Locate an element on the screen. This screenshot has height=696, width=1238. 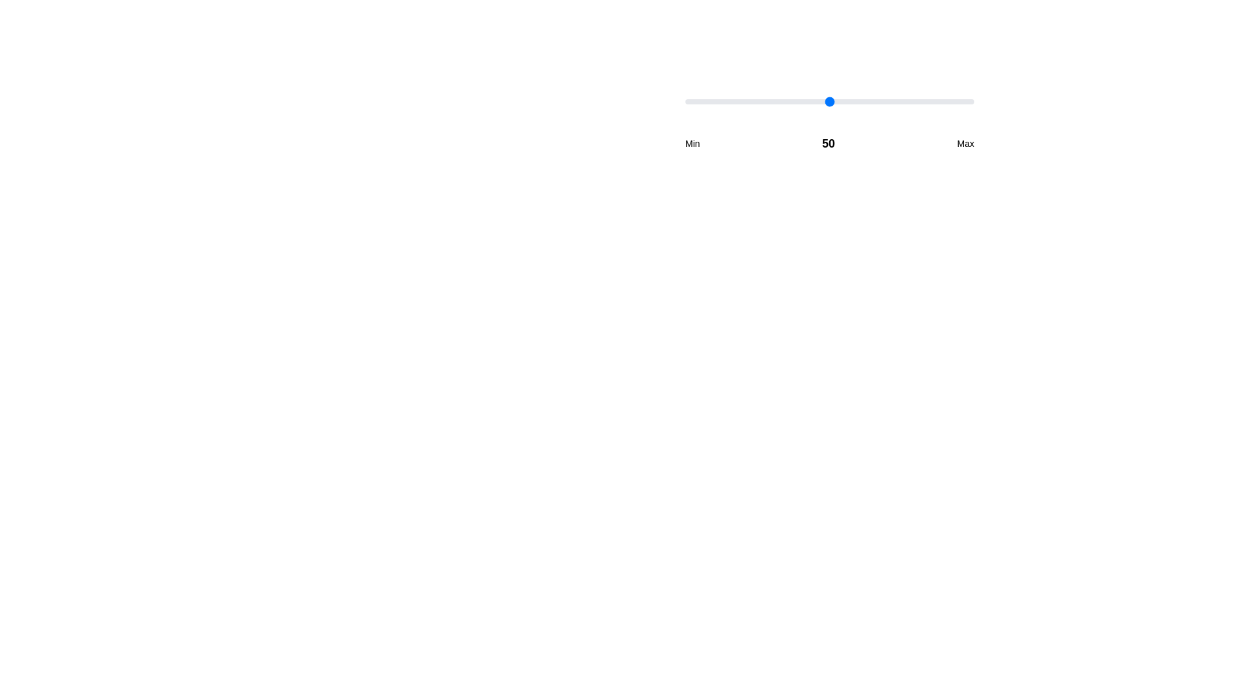
the slider is located at coordinates (725, 101).